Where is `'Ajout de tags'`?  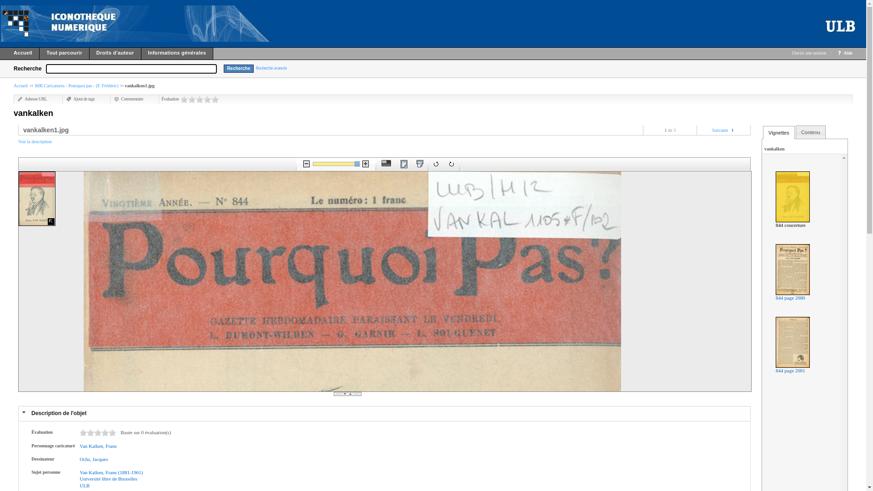 'Ajout de tags' is located at coordinates (80, 99).